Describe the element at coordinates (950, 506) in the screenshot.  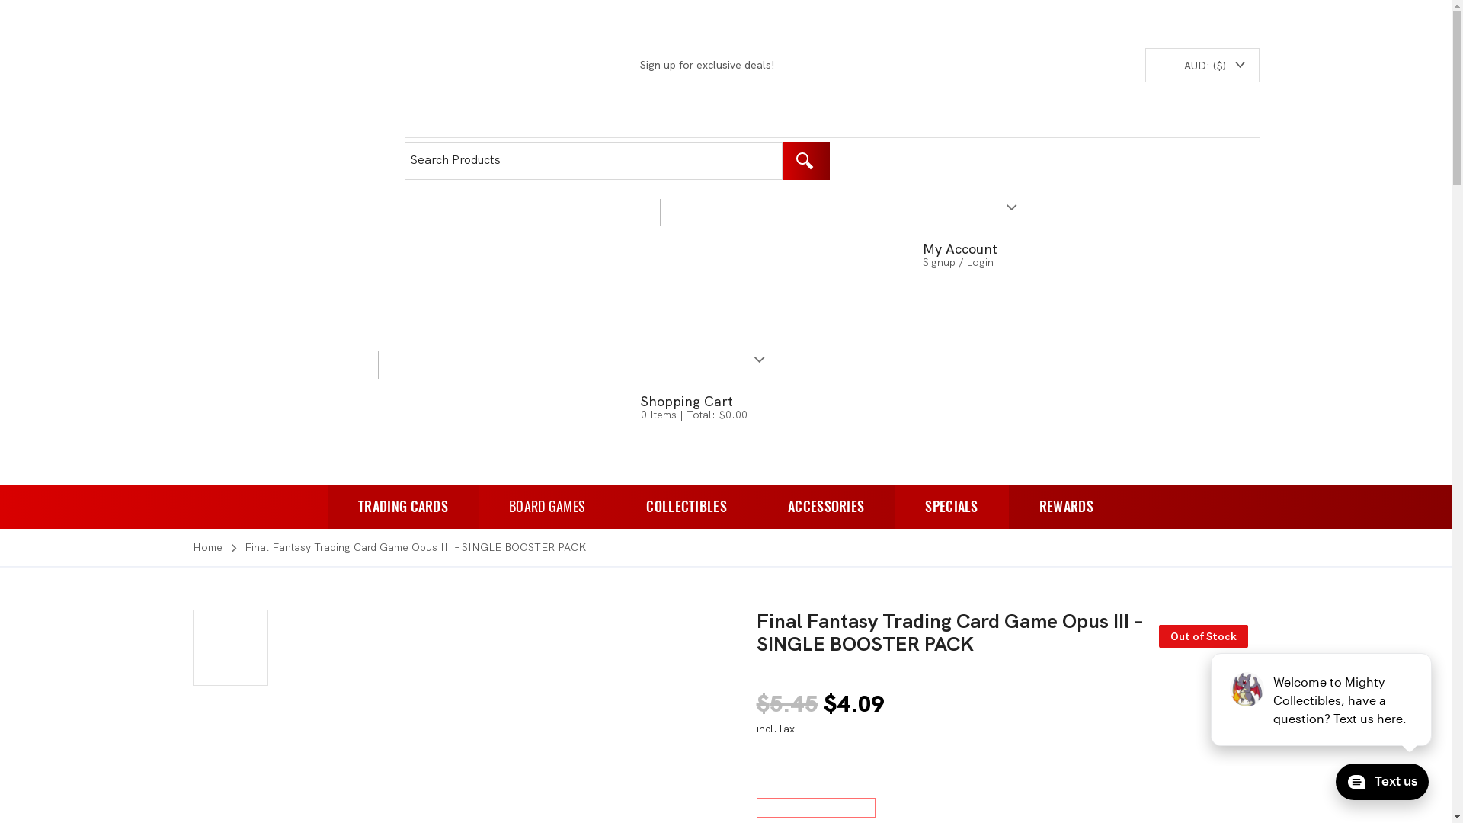
I see `'SPECIALS'` at that location.